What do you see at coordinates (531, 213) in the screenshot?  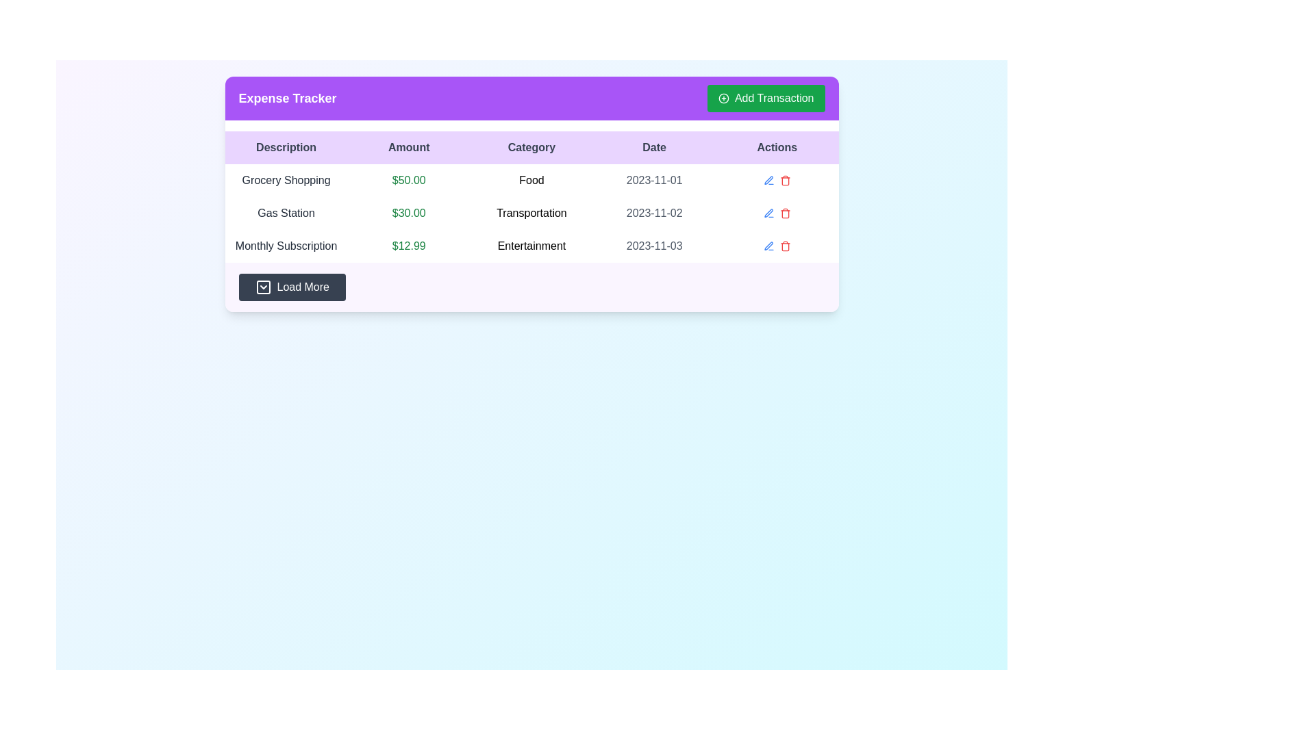 I see `the second row in the table that contains the label 'Gas Station', amount '$30.00', category 'Transportation', and date '2023-11-02' for more details` at bounding box center [531, 213].